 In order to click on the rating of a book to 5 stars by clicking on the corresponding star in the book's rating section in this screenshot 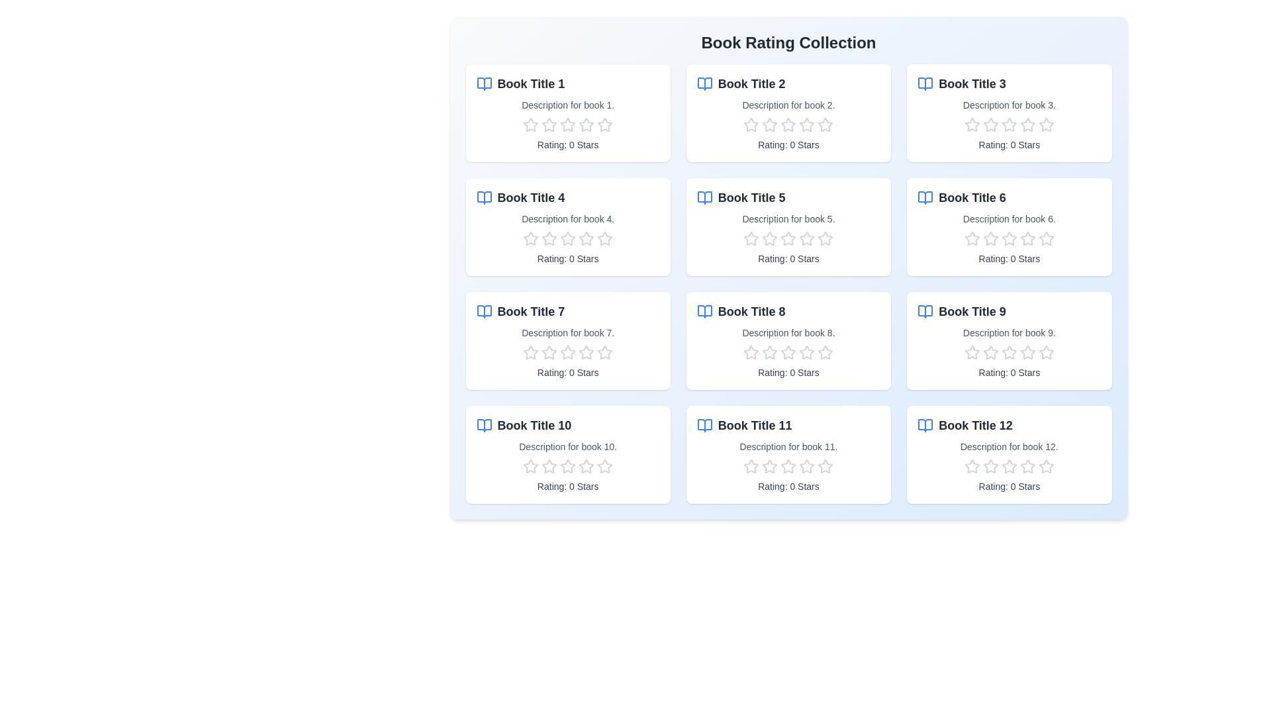, I will do `click(604, 125)`.